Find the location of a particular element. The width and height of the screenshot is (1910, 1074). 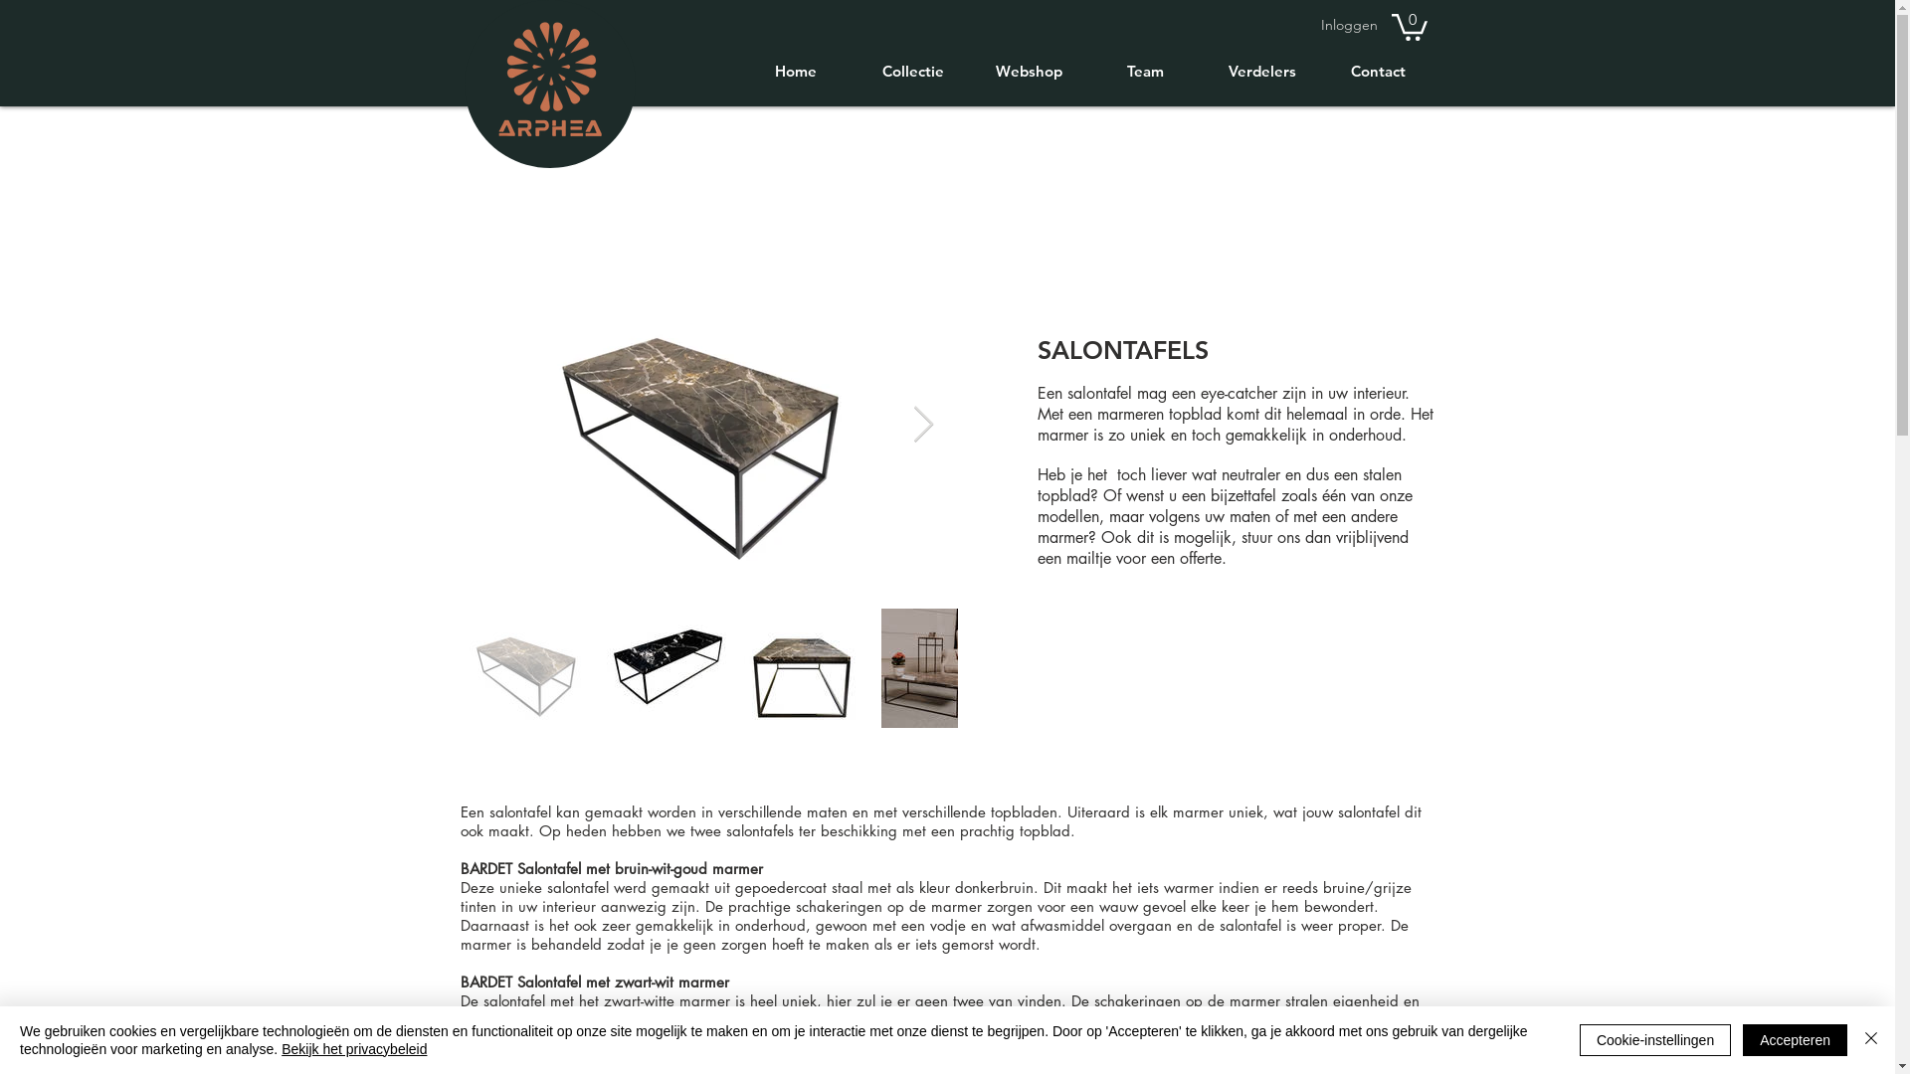

'Collectie' is located at coordinates (854, 71).